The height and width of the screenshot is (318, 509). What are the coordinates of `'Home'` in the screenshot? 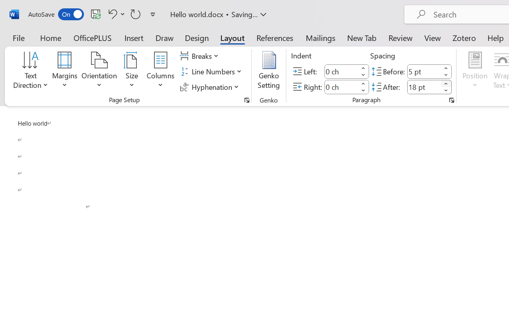 It's located at (51, 37).